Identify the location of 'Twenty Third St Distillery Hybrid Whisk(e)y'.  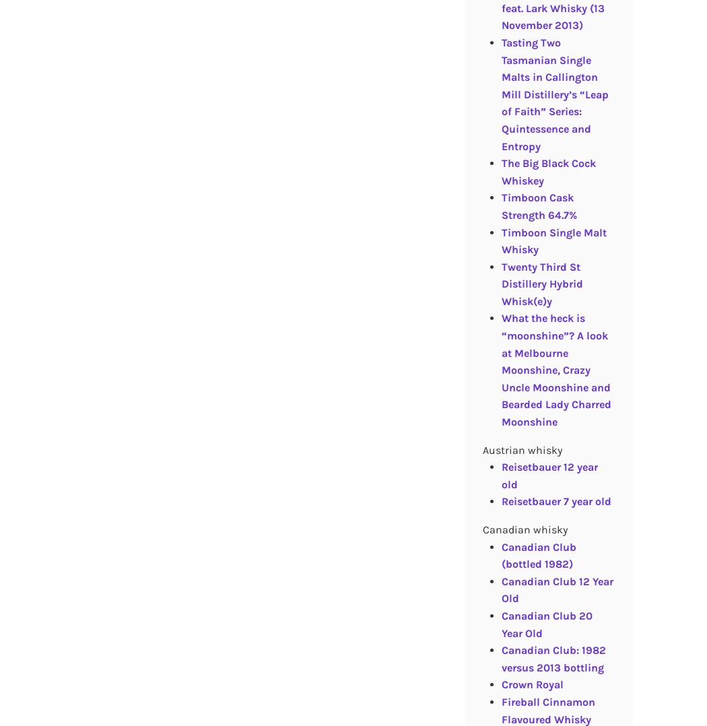
(541, 282).